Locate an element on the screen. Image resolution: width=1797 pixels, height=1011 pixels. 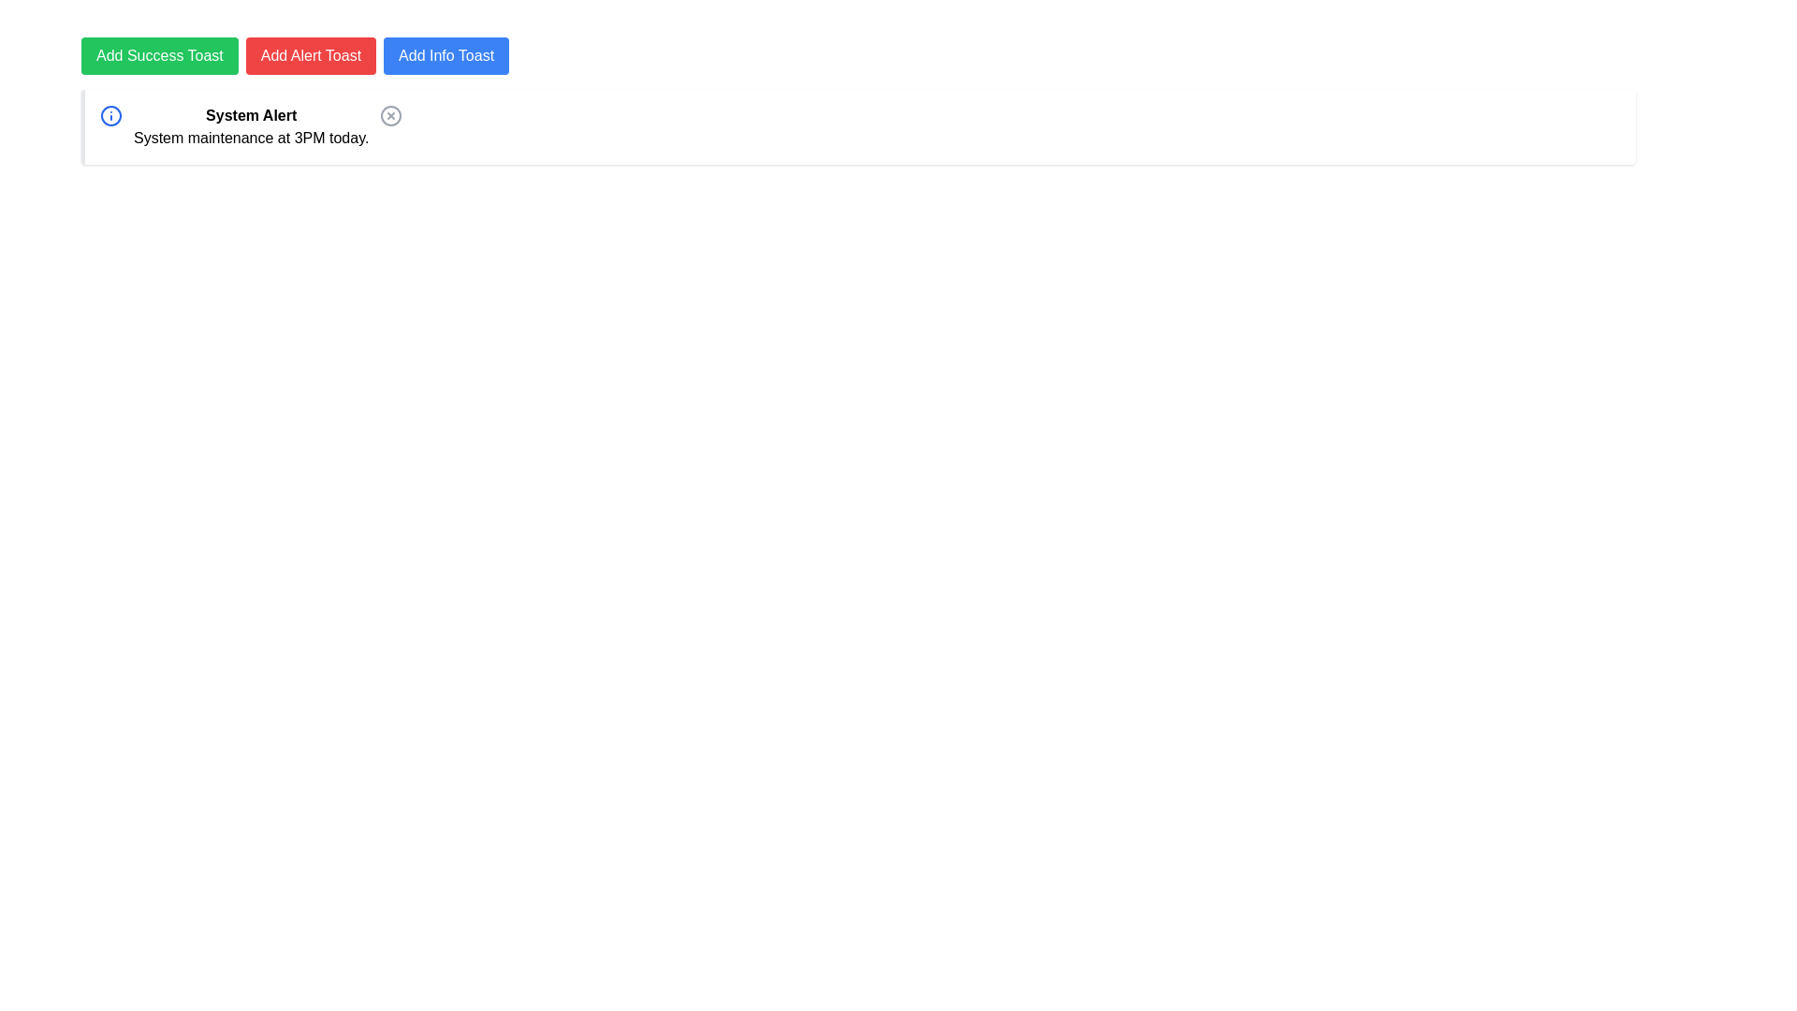
the circular icon with a blue outline and a dot in the center, located in the System Alert notification bar next to the bolded text 'System Alert' is located at coordinates (110, 115).